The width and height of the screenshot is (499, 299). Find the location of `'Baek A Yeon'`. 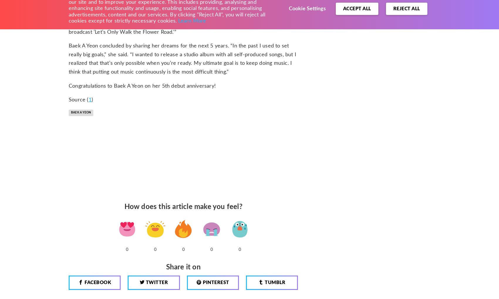

'Baek A Yeon' is located at coordinates (81, 113).